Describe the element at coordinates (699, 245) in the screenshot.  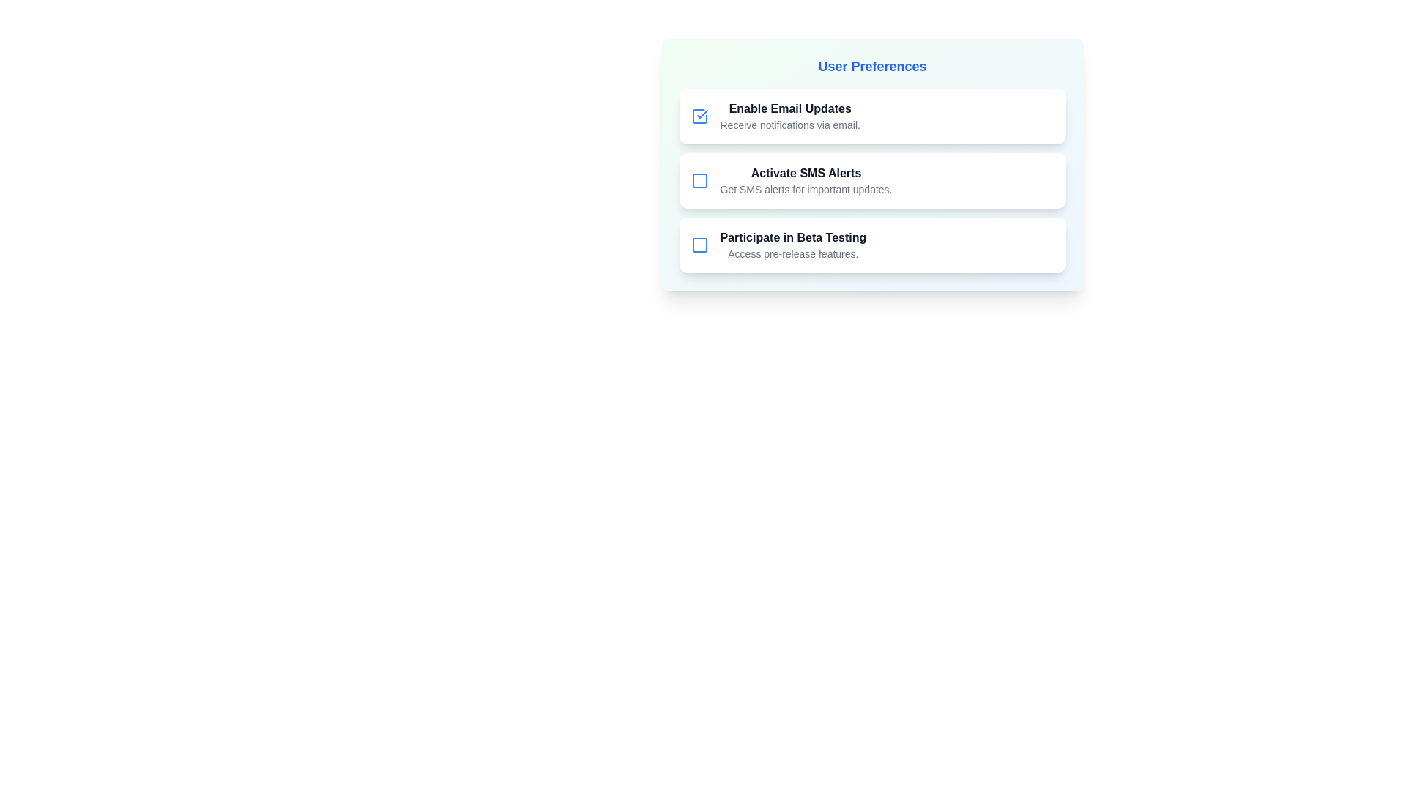
I see `the Icon component within the SVG structure, which serves as an indicator for toggling or confirming an action, located to the left of the text label 'Participate in Beta Testing'` at that location.